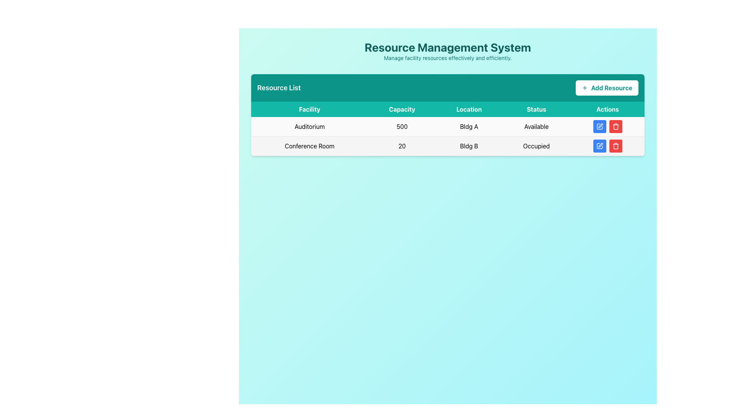  Describe the element at coordinates (536, 126) in the screenshot. I see `the 'Available' text display in the 'Status' column of the 'Resource List' table, located in the last cell of the row for 'Auditorium, 500, Bldg A'` at that location.